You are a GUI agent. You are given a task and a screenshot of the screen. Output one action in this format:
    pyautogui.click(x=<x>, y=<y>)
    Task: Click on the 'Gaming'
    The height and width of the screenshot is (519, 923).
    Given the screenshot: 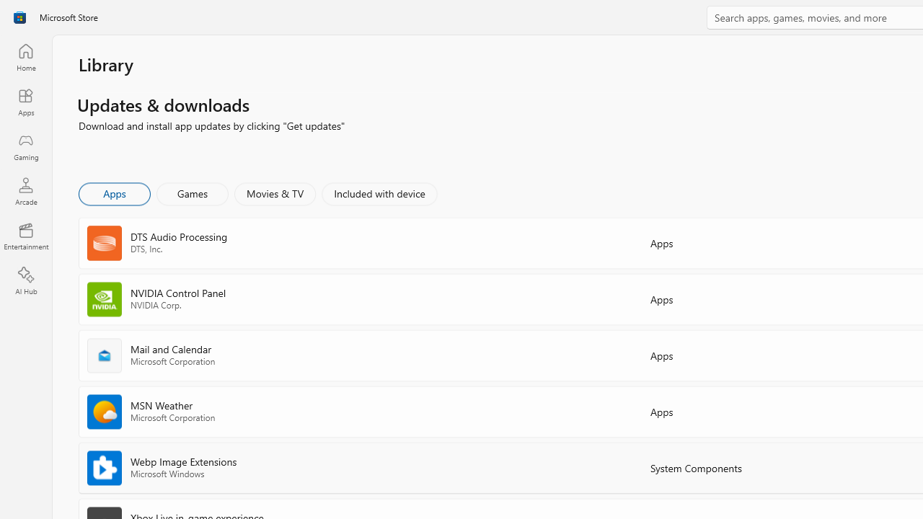 What is the action you would take?
    pyautogui.click(x=25, y=146)
    